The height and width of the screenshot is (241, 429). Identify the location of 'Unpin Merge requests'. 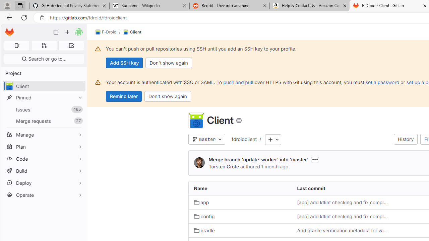
(78, 121).